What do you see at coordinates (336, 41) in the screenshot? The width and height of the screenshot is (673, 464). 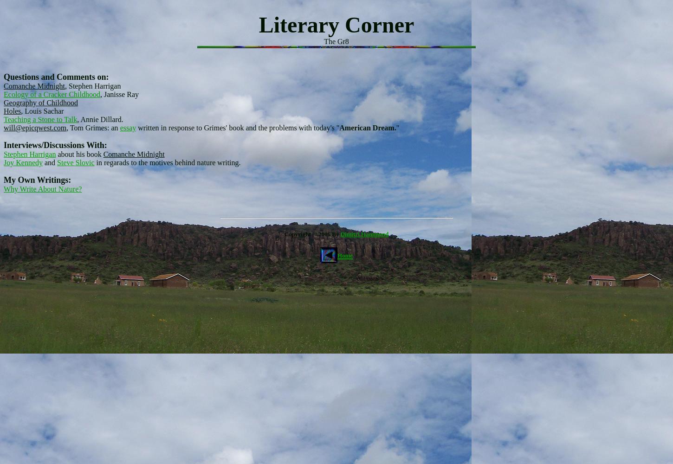 I see `'The Gr8'` at bounding box center [336, 41].